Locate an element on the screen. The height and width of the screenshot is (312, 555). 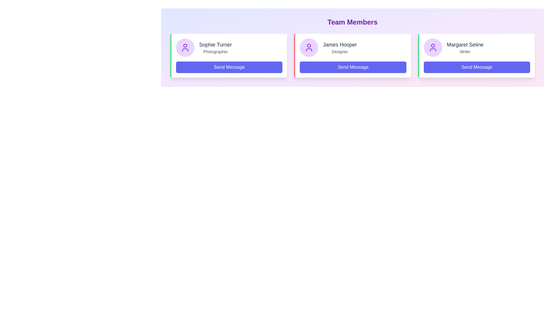
the profile icon representing 'Sophie Turner', located in the top-left corner of the card is located at coordinates (185, 47).